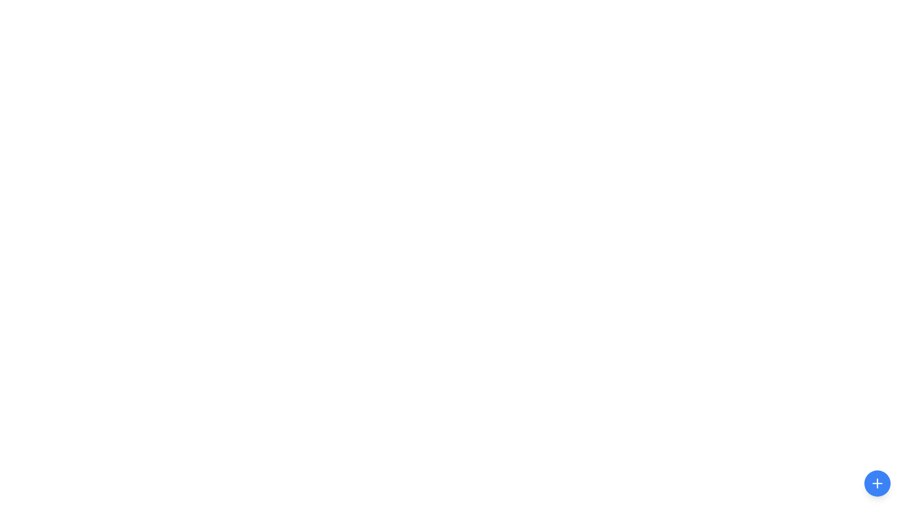 This screenshot has height=506, width=900. What do you see at coordinates (877, 484) in the screenshot?
I see `the circular blue button with a white plus sign (+) located at the bottom-right corner of the interface` at bounding box center [877, 484].